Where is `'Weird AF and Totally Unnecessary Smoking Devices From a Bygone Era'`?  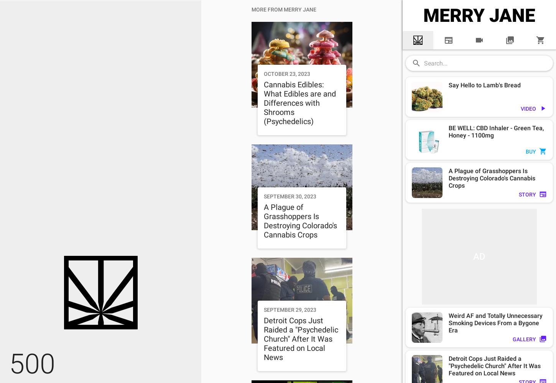 'Weird AF and Totally Unnecessary Smoking Devices From a Bygone Era' is located at coordinates (496, 322).